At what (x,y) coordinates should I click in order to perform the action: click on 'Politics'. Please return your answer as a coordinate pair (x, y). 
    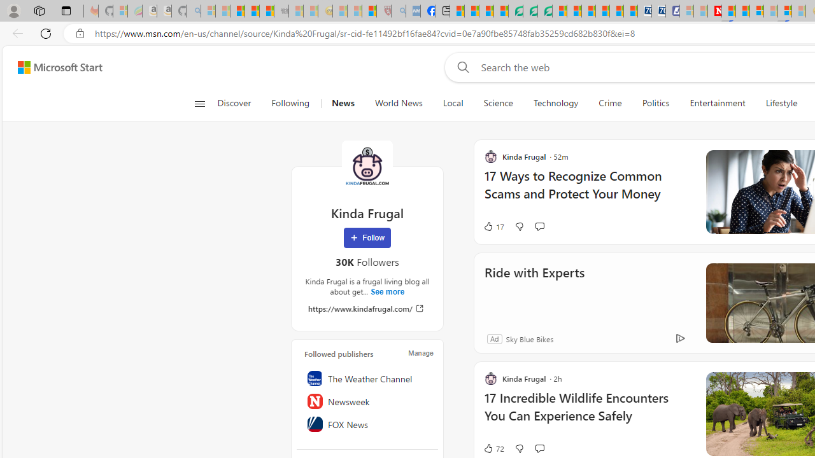
    Looking at the image, I should click on (655, 103).